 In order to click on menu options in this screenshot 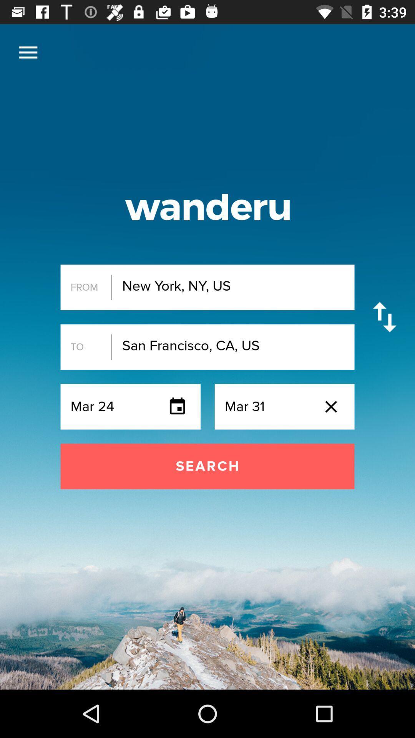, I will do `click(28, 52)`.